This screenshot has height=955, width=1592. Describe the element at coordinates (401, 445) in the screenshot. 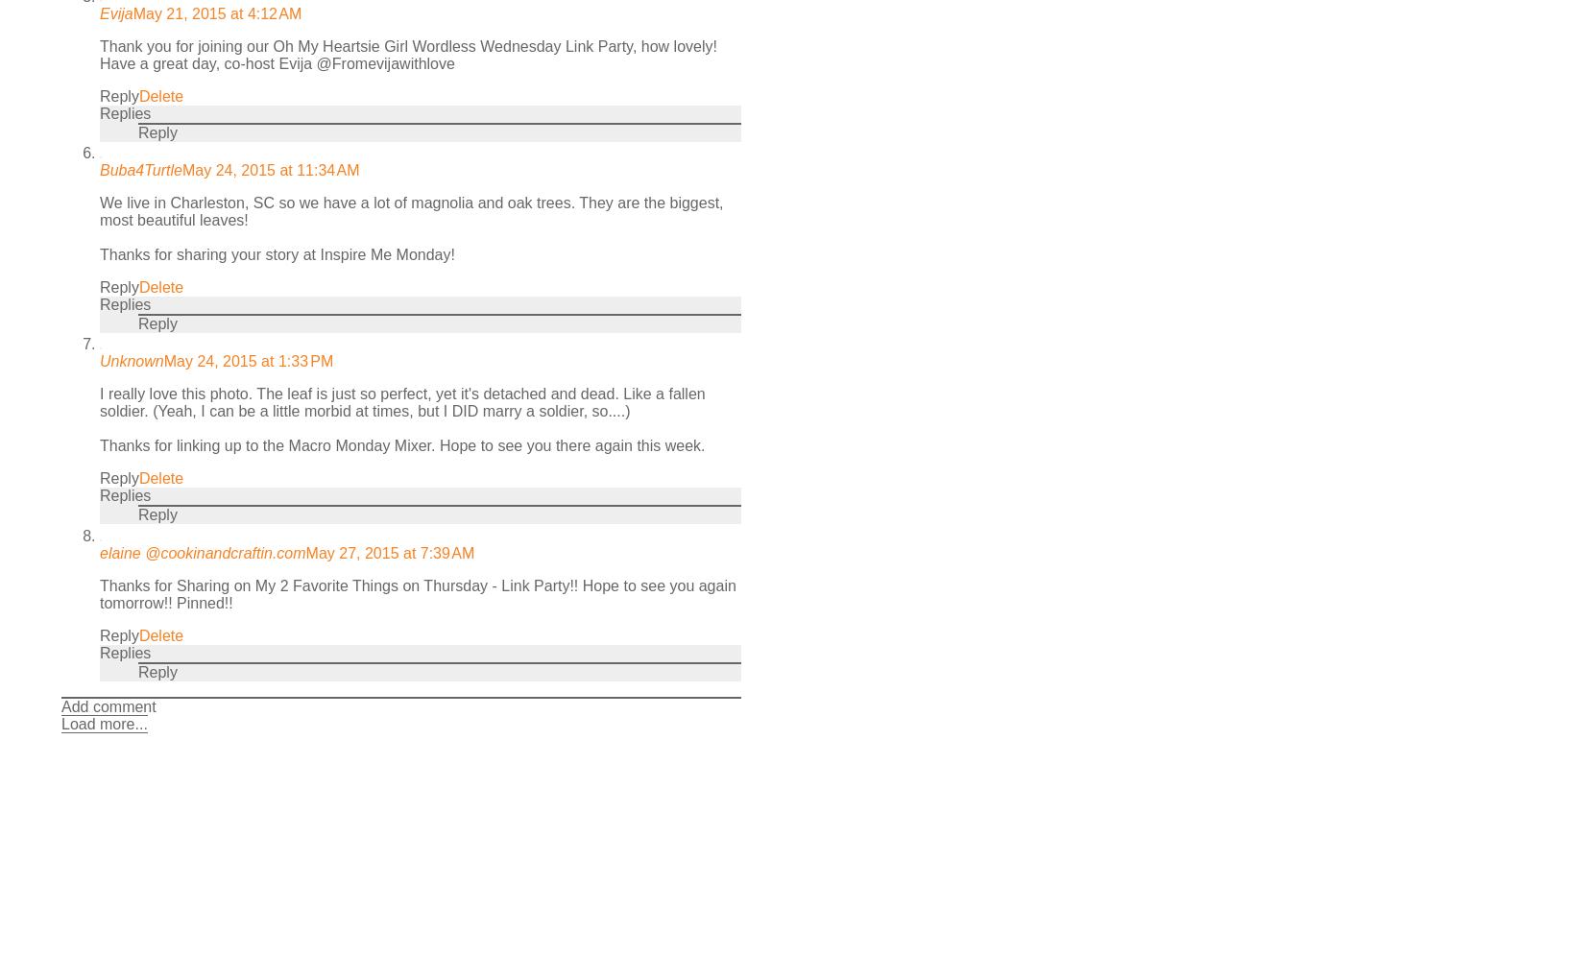

I see `'Thanks for linking up to the Macro Monday Mixer. Hope to see you there again this week.'` at that location.